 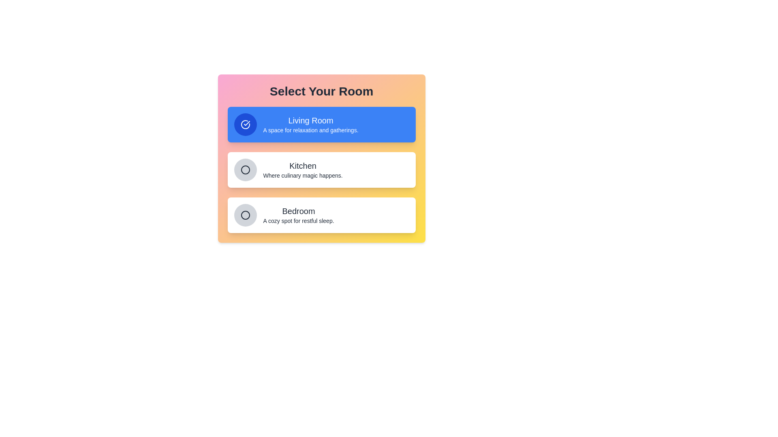 I want to click on the descriptive text label for the 'Living Room' option in the 'Select Your Room' interface panel to emphasize it, so click(x=310, y=129).